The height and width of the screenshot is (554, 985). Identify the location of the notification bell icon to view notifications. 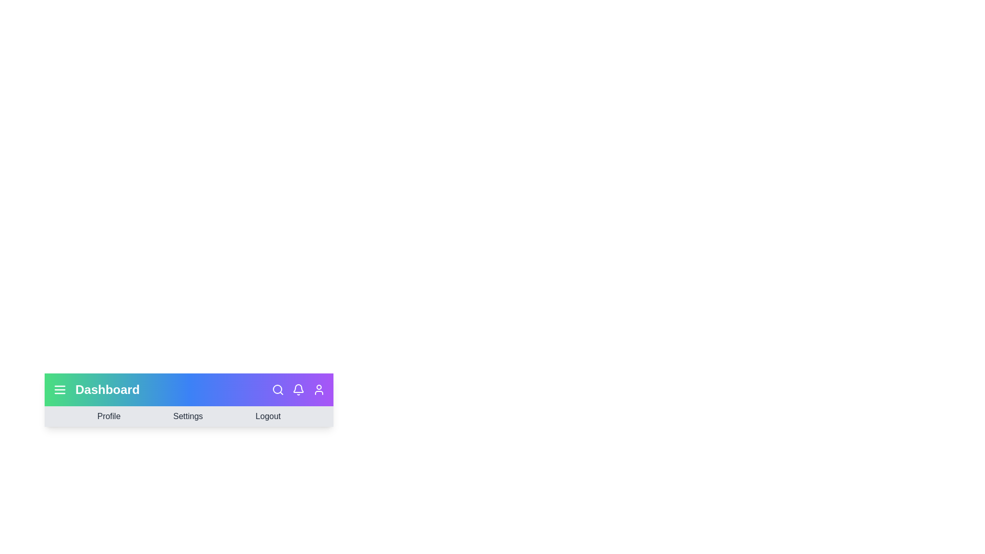
(298, 389).